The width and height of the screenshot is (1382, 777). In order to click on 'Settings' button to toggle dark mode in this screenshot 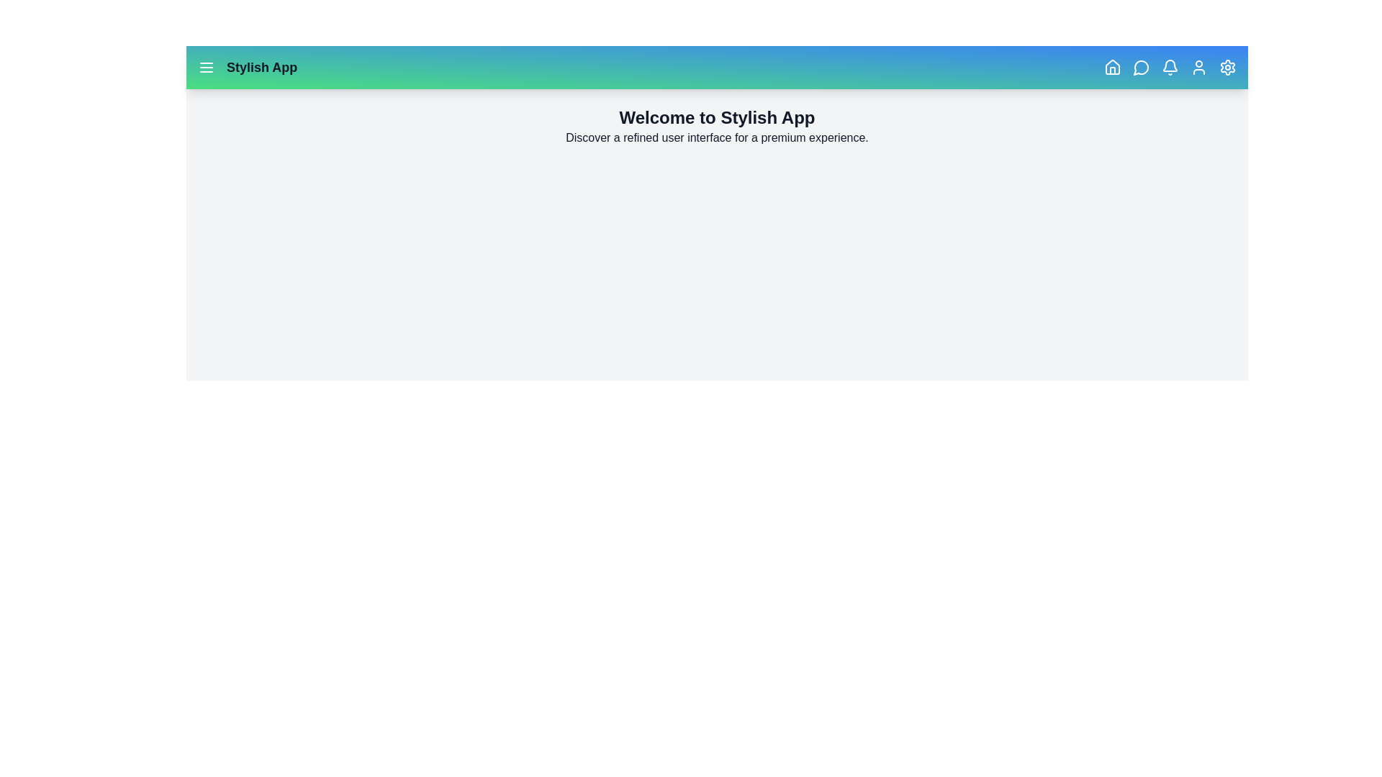, I will do `click(1227, 67)`.